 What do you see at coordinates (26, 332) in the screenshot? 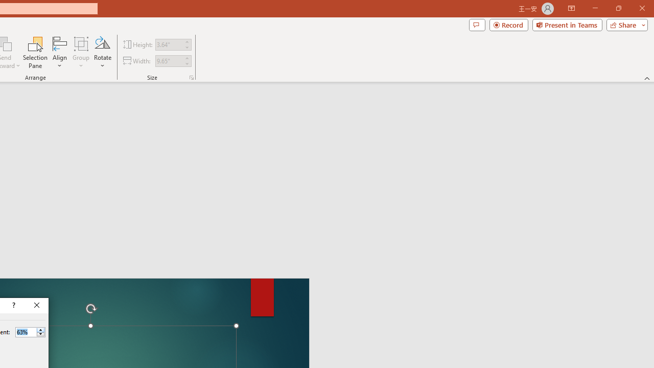
I see `'Percent'` at bounding box center [26, 332].